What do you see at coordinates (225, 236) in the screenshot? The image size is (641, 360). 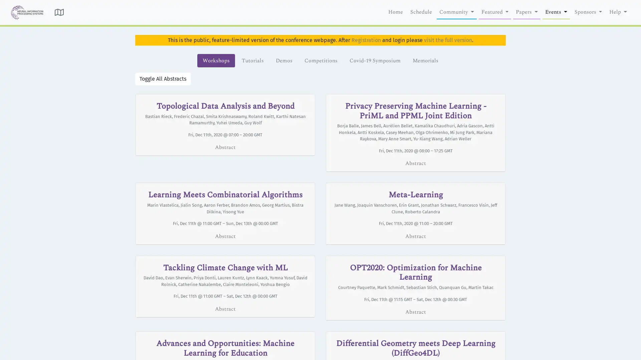 I see `Abstract` at bounding box center [225, 236].